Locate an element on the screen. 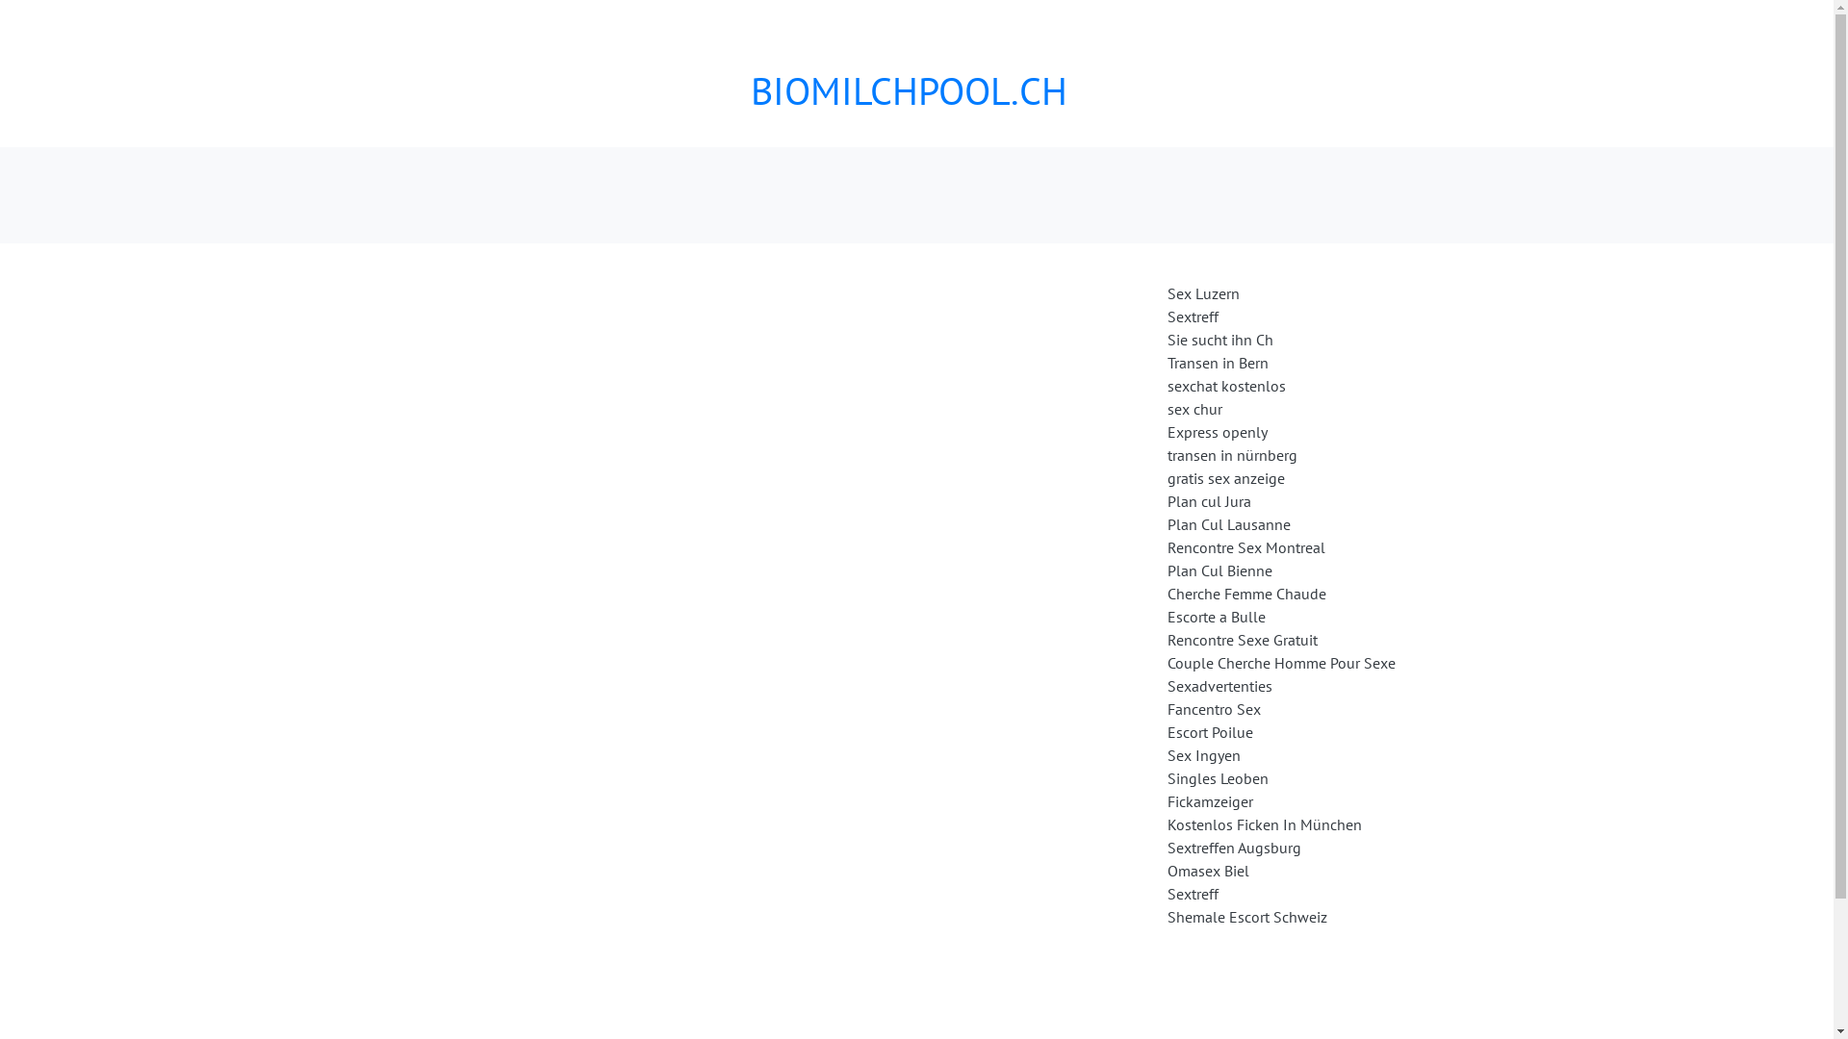 The height and width of the screenshot is (1039, 1848). 'Escorte a Bulle' is located at coordinates (1214, 616).